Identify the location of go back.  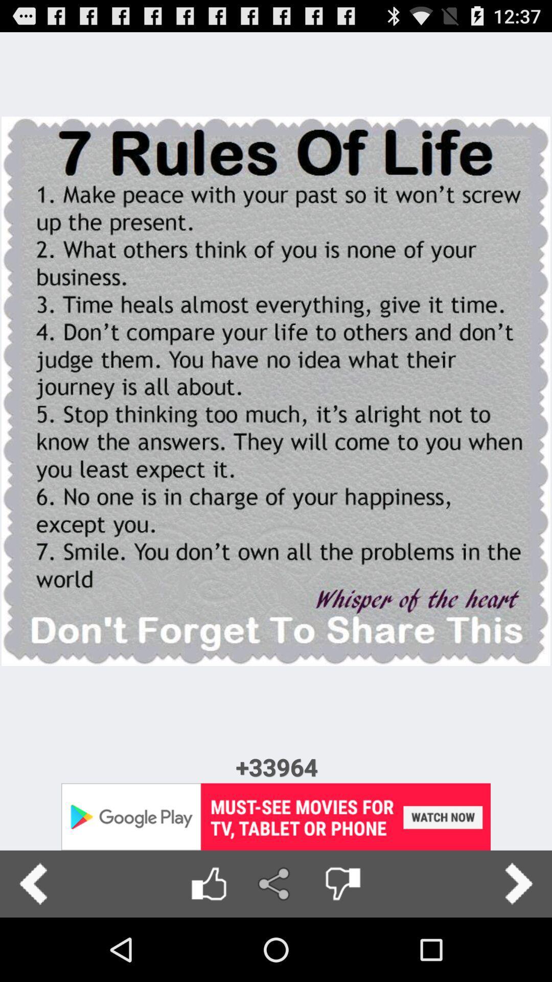
(33, 883).